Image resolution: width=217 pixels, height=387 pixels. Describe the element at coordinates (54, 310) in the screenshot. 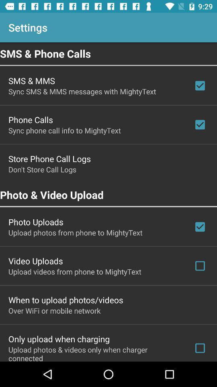

I see `over wifi or app` at that location.